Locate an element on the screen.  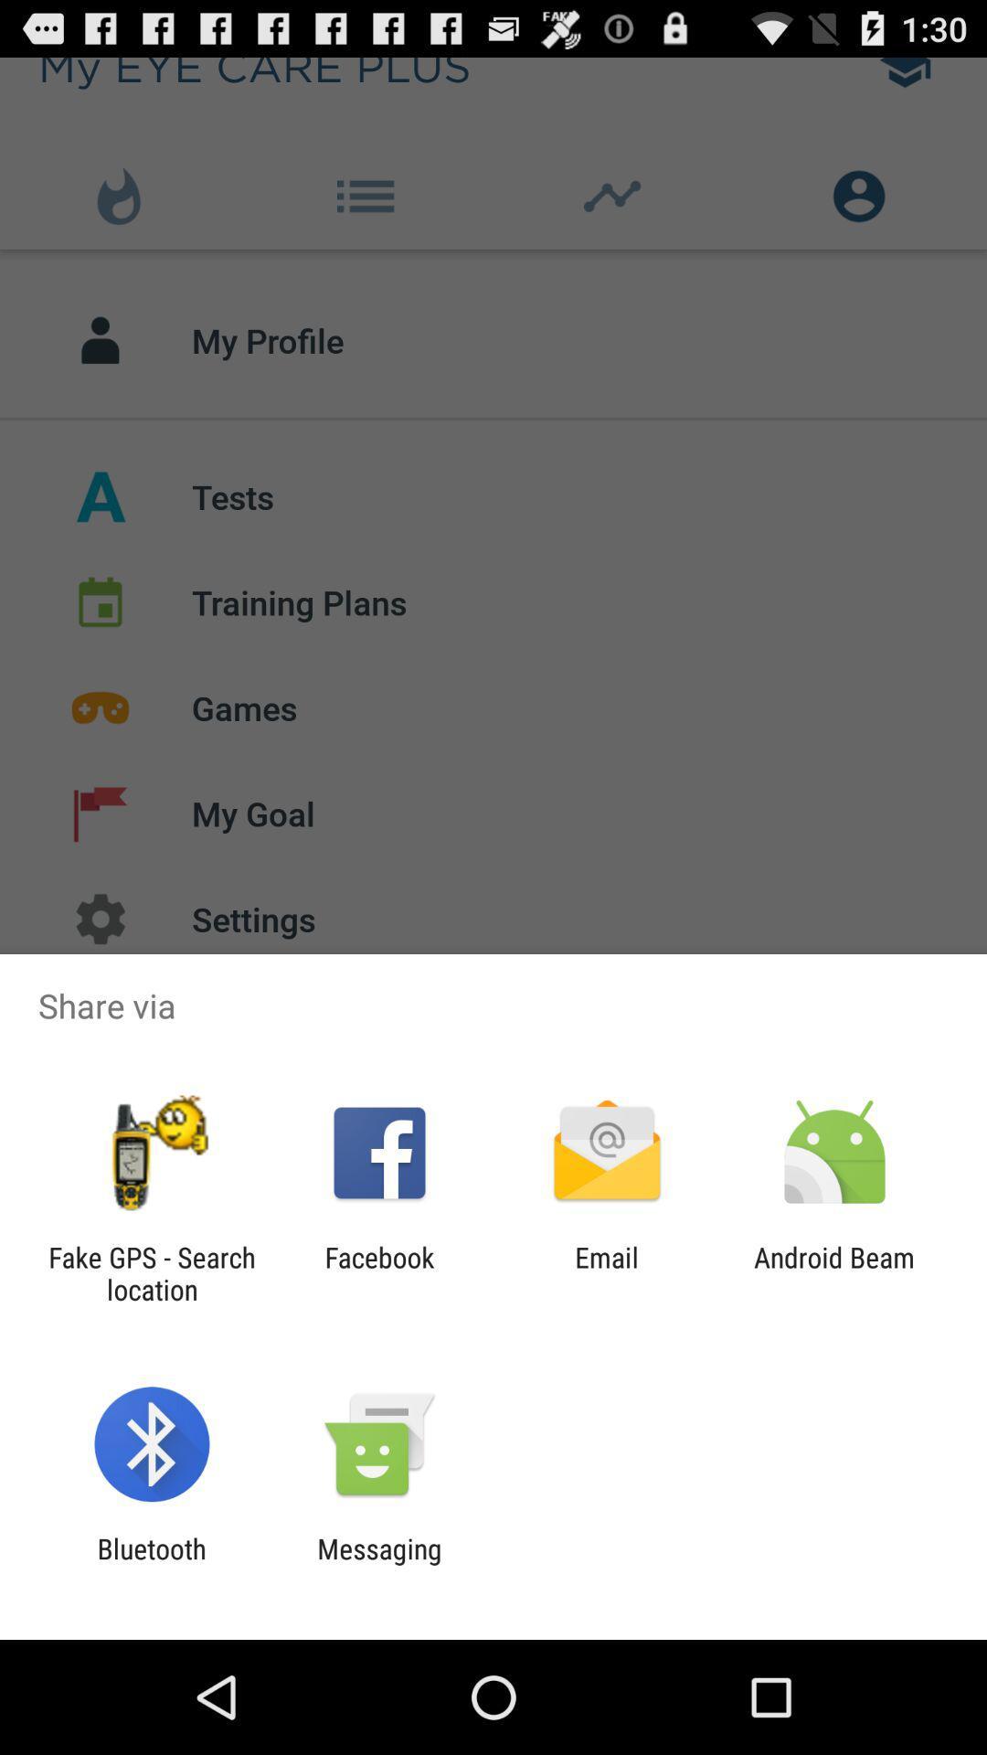
item to the left of facebook app is located at coordinates (151, 1272).